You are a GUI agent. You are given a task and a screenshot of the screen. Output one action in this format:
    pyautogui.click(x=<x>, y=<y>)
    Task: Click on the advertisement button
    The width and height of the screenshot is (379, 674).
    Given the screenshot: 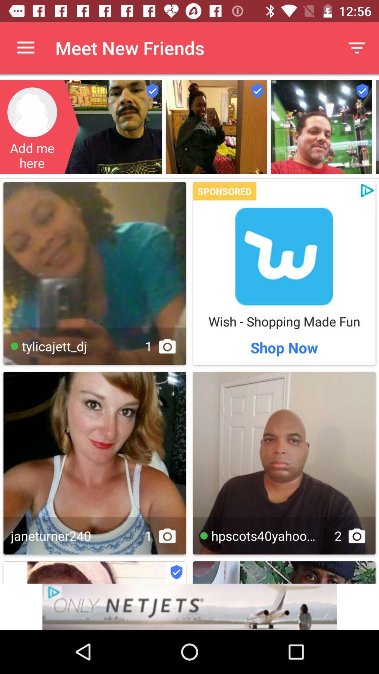 What is the action you would take?
    pyautogui.click(x=189, y=606)
    